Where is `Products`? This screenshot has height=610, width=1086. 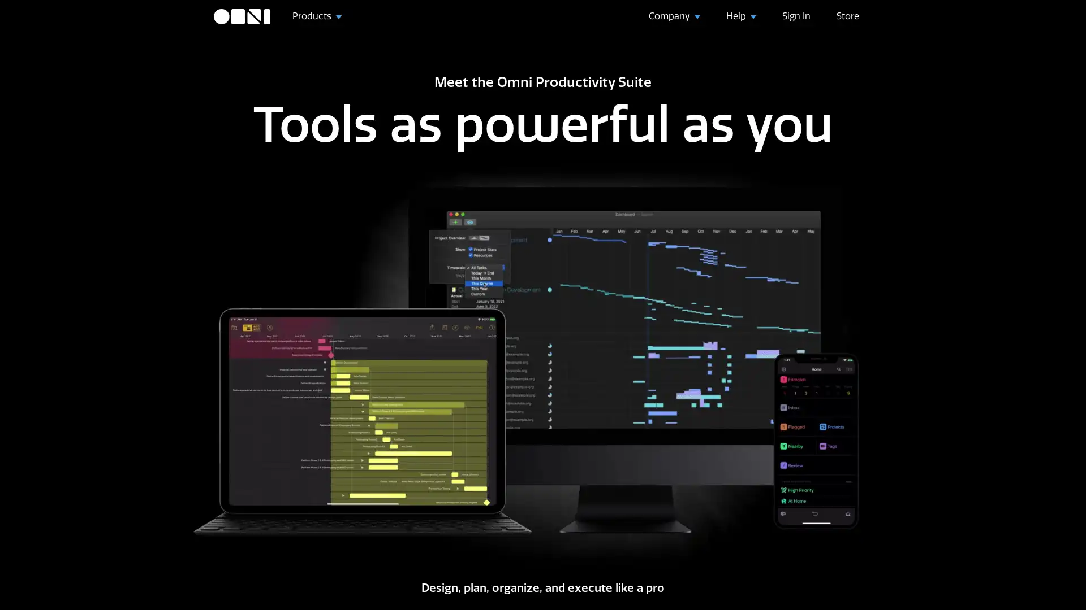
Products is located at coordinates (317, 15).